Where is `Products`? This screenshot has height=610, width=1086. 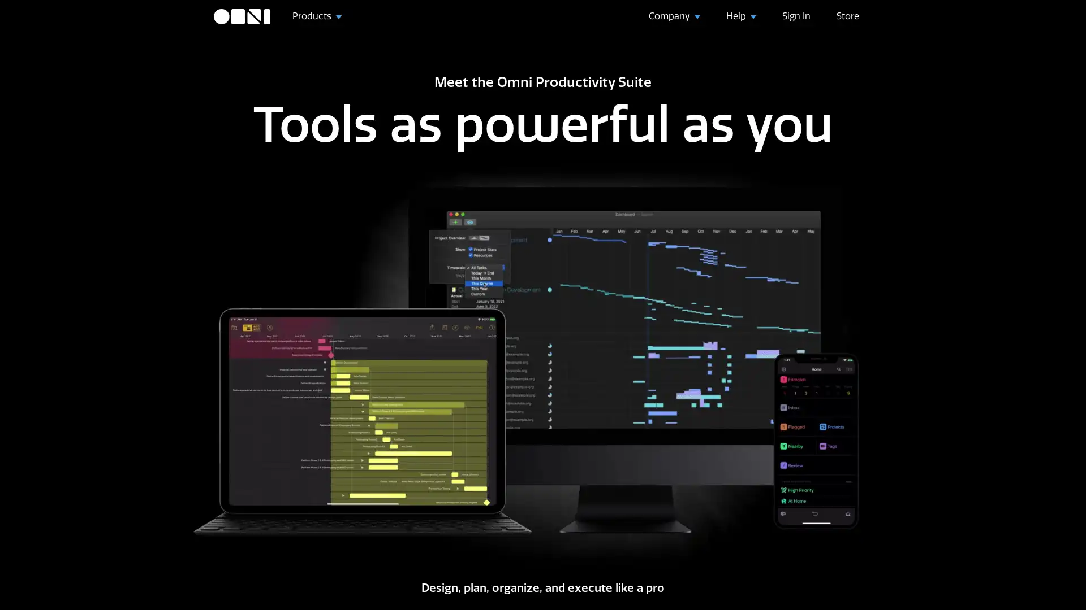
Products is located at coordinates (317, 15).